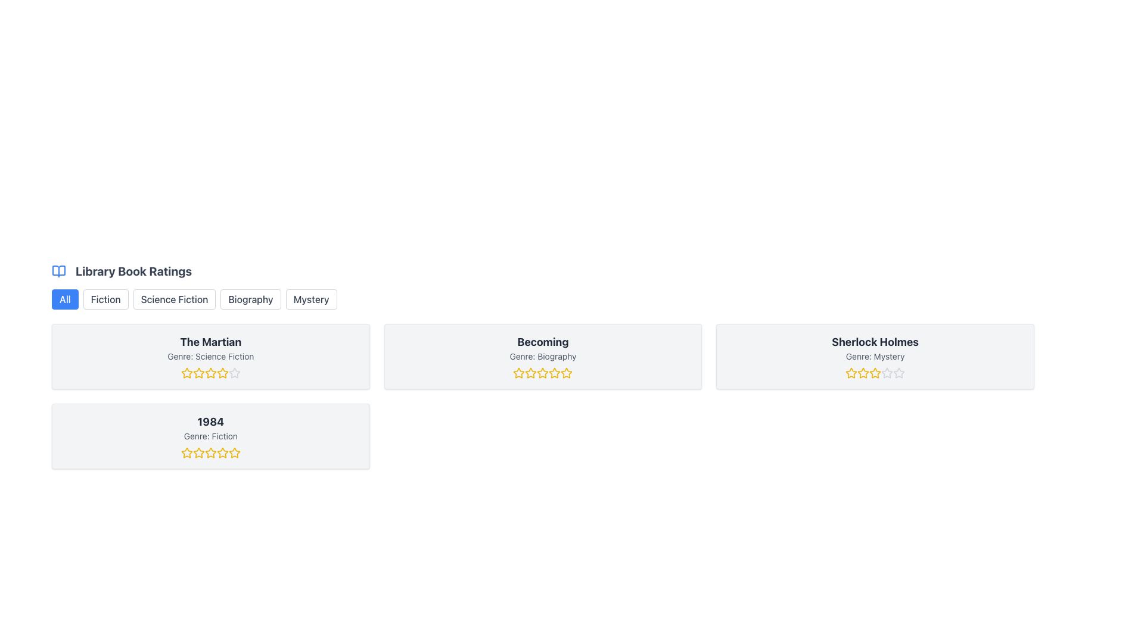 The width and height of the screenshot is (1144, 643). Describe the element at coordinates (566, 373) in the screenshot. I see `the fifth rating star for the book 'Becoming'` at that location.